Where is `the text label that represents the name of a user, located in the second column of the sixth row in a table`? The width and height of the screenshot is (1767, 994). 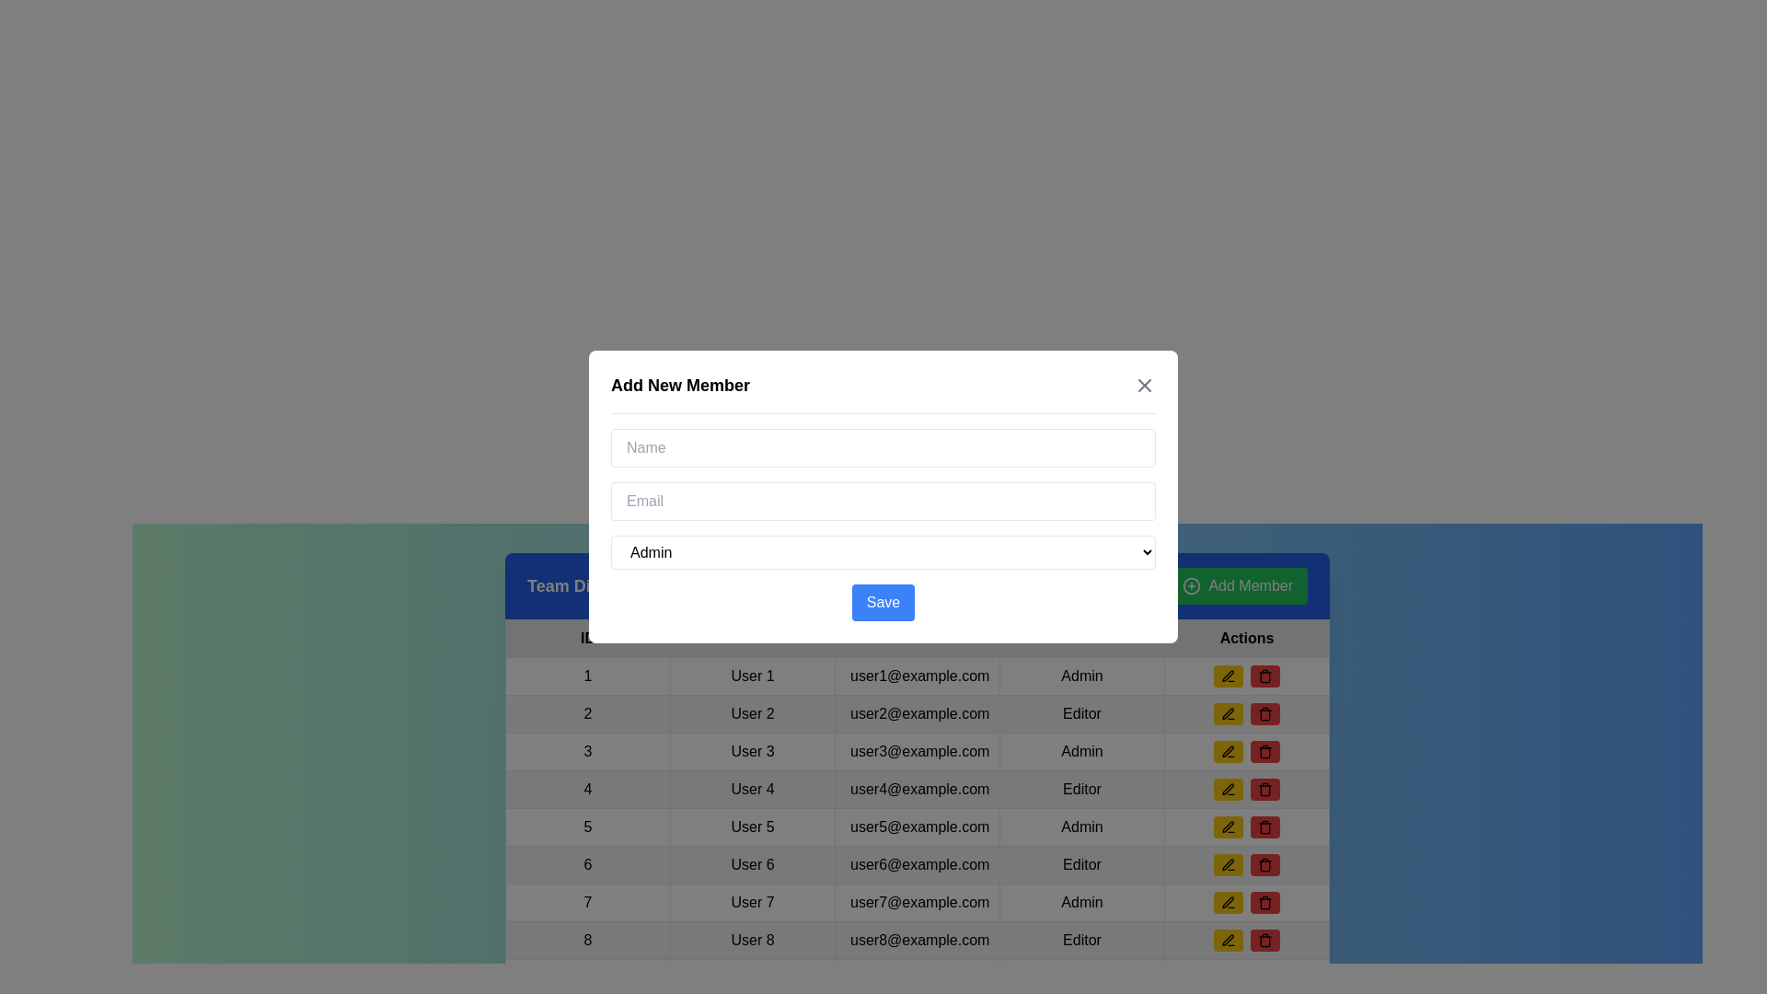 the text label that represents the name of a user, located in the second column of the sixth row in a table is located at coordinates (752, 865).